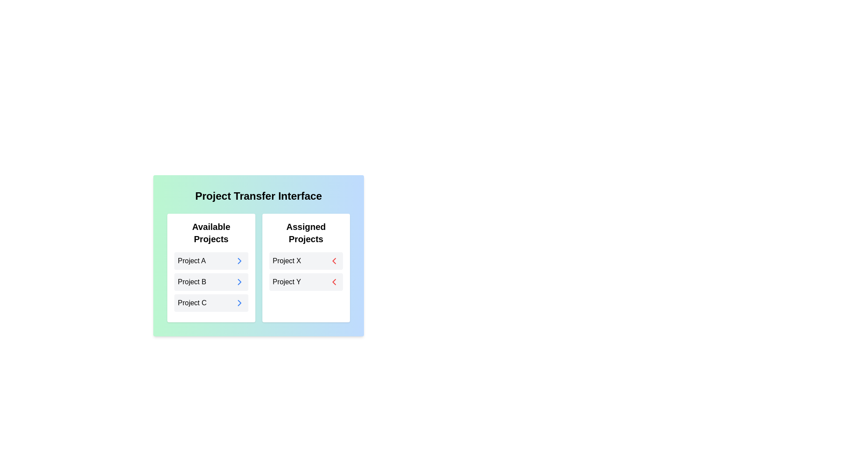  Describe the element at coordinates (239, 282) in the screenshot. I see `the rightward-pointing blue arrow icon button next to 'Project B' to move it from the 'Available Projects' list to the 'Assigned Projects' list` at that location.